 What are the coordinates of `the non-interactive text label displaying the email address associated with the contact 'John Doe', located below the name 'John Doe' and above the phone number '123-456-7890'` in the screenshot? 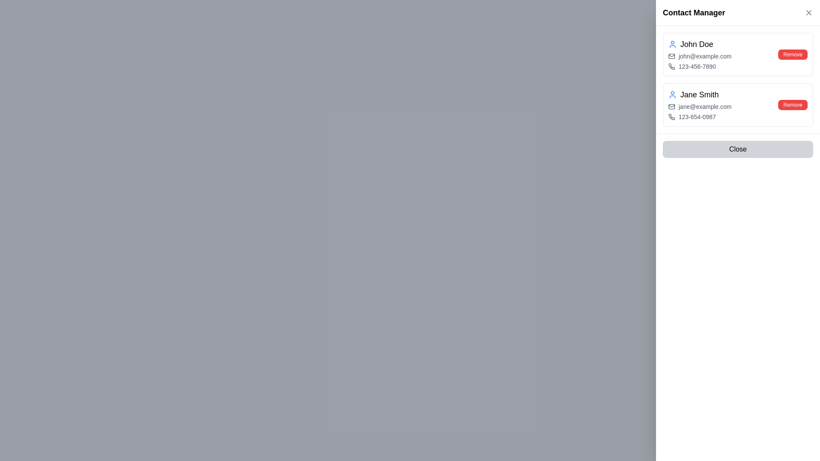 It's located at (700, 56).